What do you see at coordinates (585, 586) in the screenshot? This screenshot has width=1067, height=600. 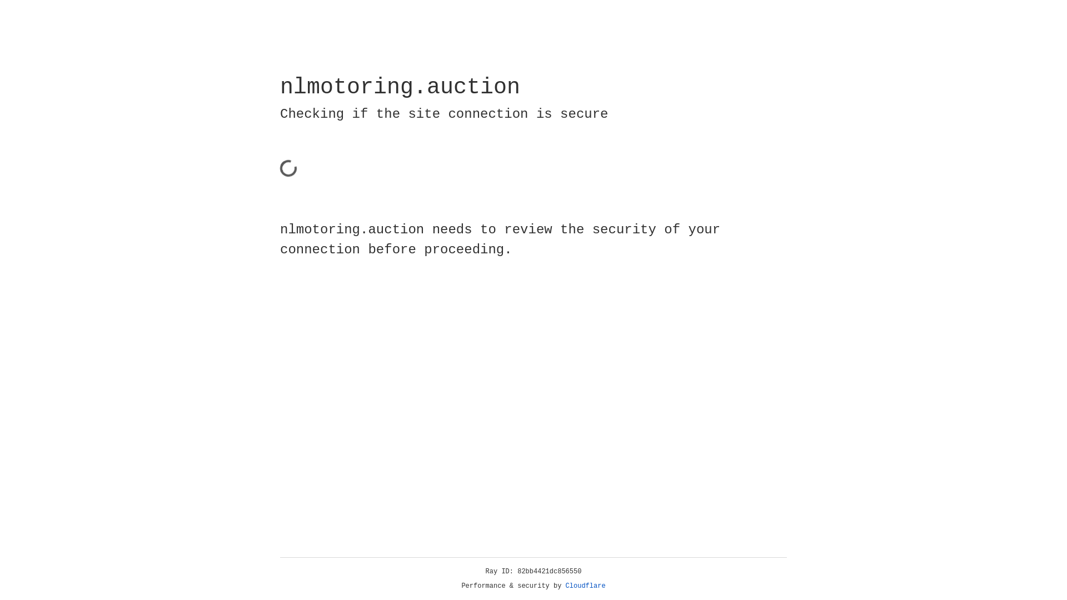 I see `'Cloudflare'` at bounding box center [585, 586].